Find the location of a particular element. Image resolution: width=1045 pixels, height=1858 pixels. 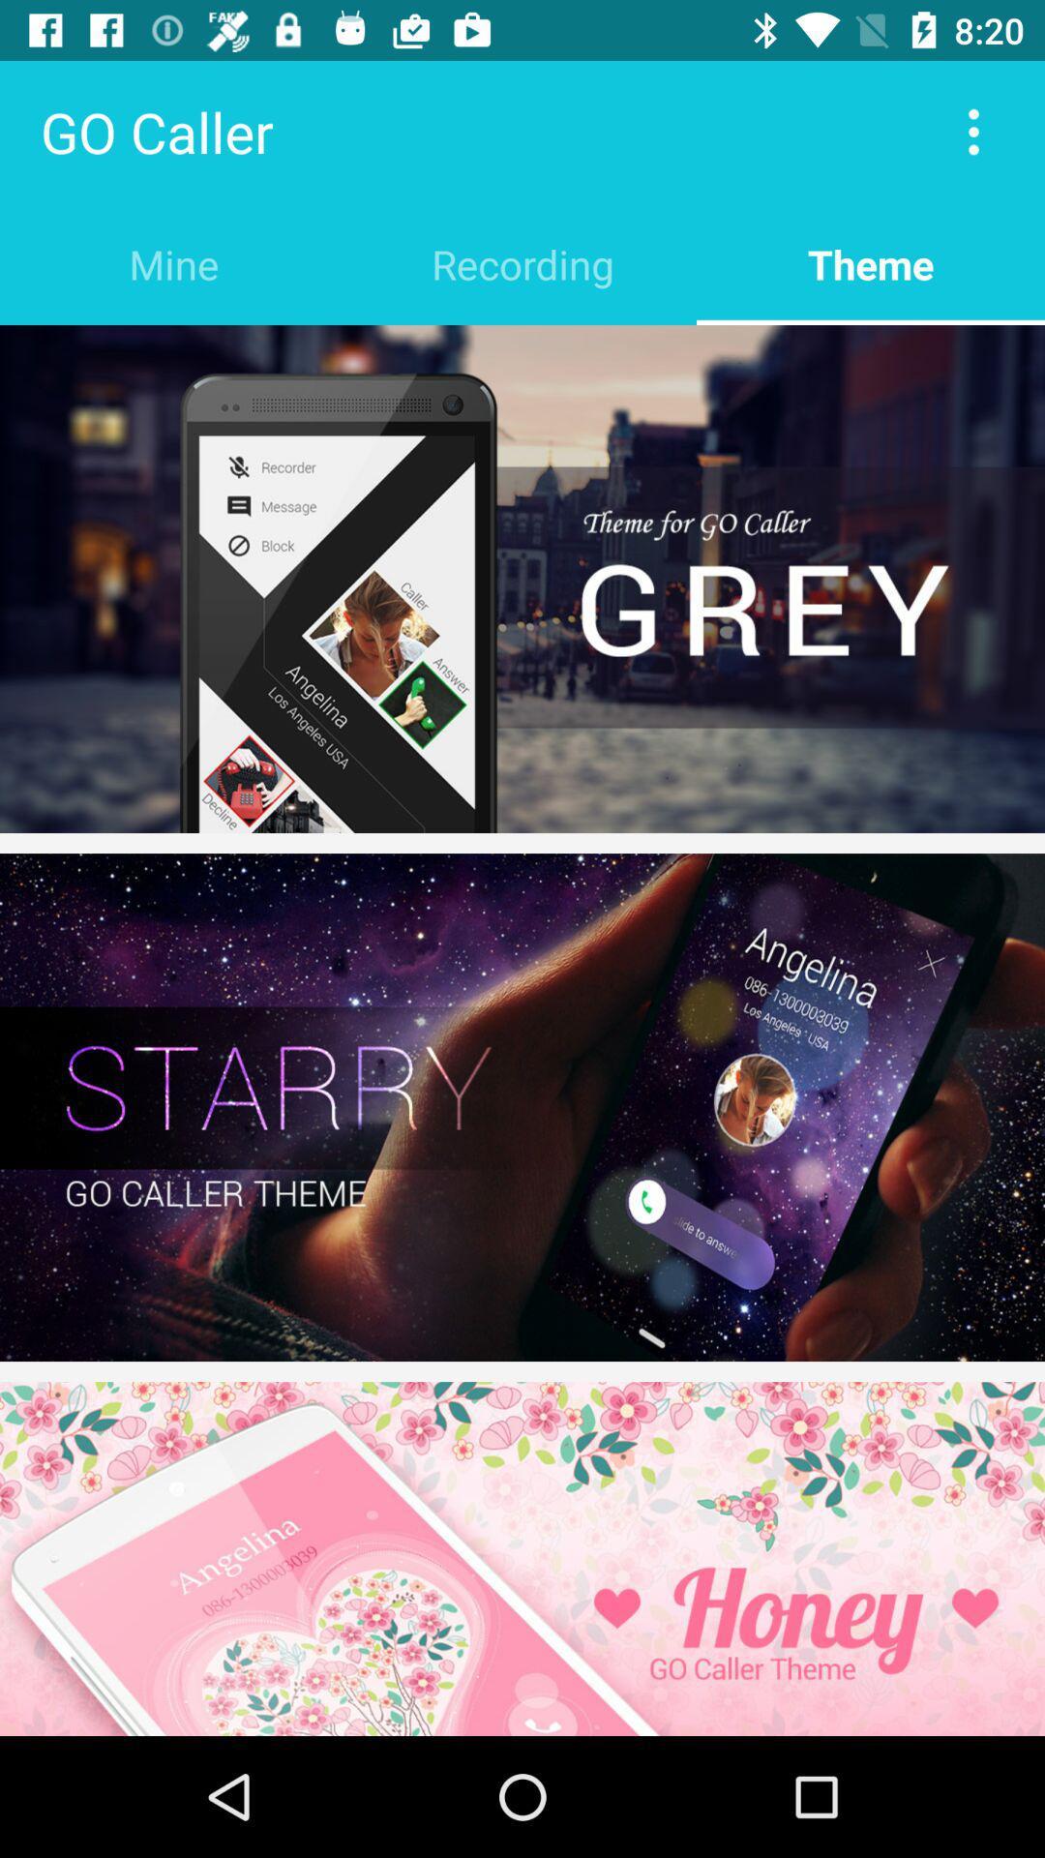

the icon to the right of go caller is located at coordinates (973, 131).